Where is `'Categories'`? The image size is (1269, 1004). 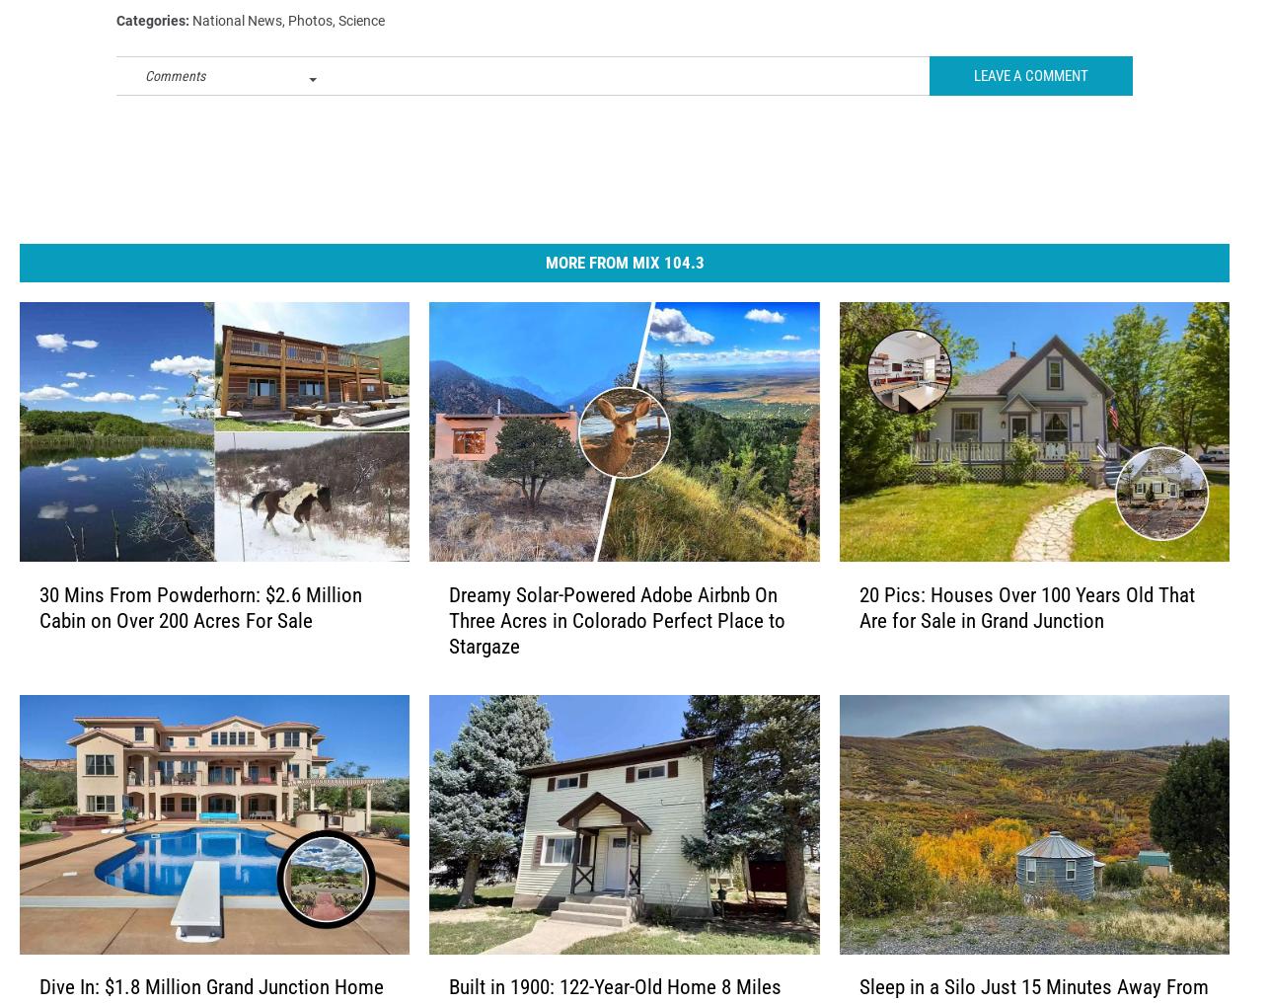 'Categories' is located at coordinates (116, 49).